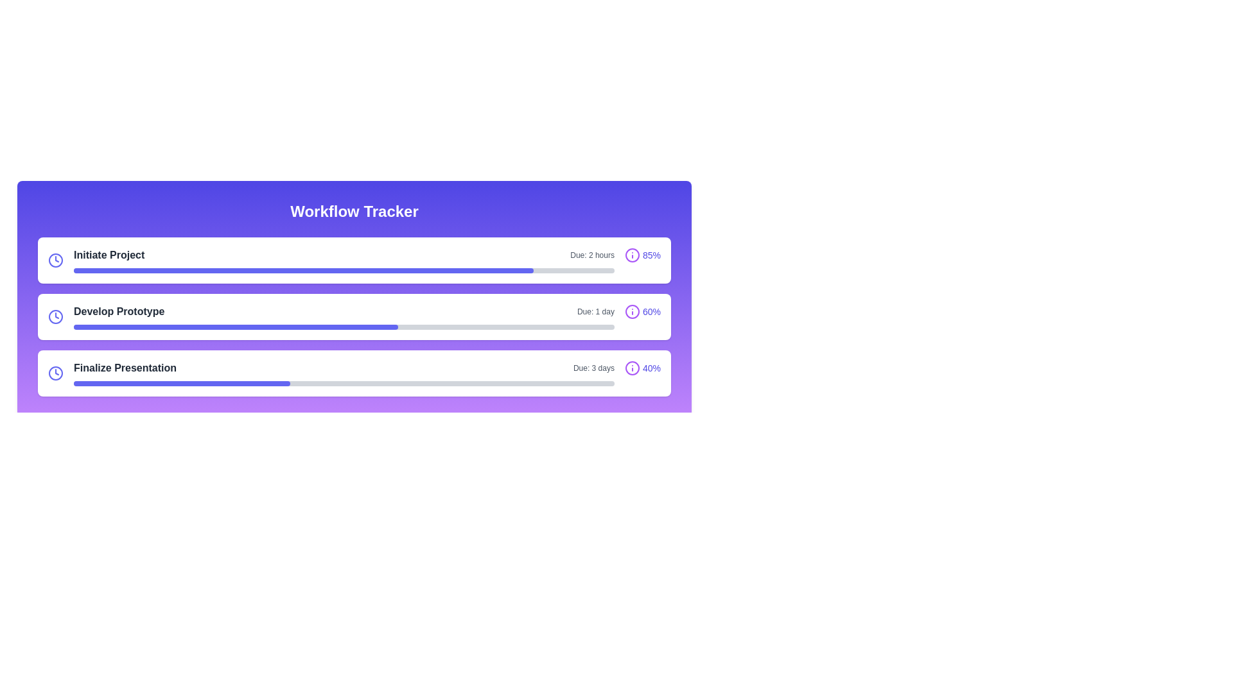  What do you see at coordinates (593, 368) in the screenshot?
I see `the text label that displays 'Due: 3 days', located in the third task panel to the right of the task name 'Finalize Presentation'` at bounding box center [593, 368].